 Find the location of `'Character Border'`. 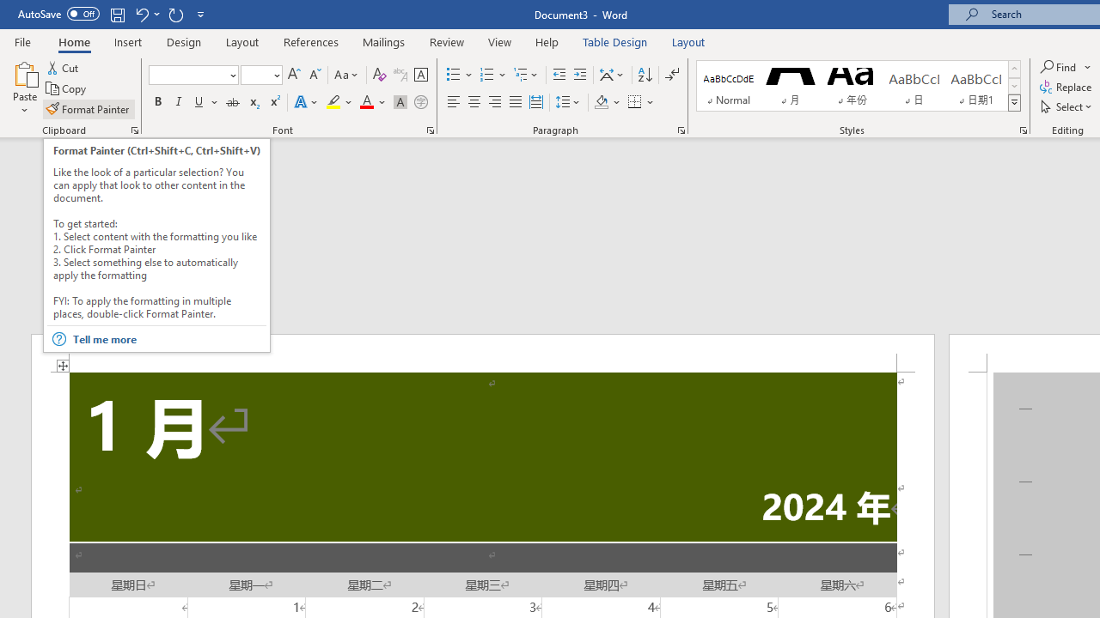

'Character Border' is located at coordinates (420, 74).